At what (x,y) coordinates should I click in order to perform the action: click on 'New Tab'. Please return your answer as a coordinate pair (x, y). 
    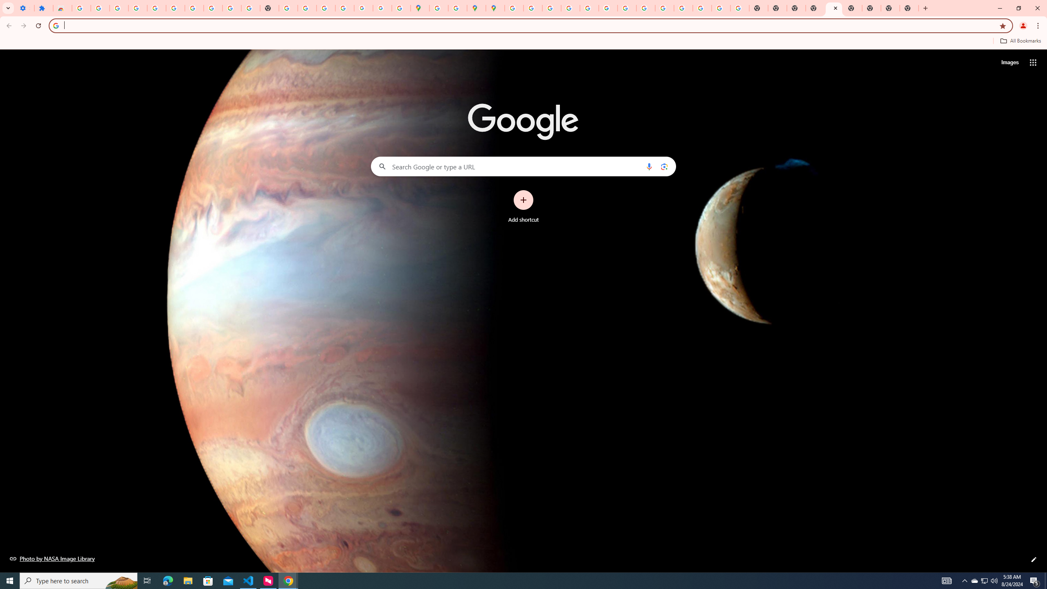
    Looking at the image, I should click on (909, 8).